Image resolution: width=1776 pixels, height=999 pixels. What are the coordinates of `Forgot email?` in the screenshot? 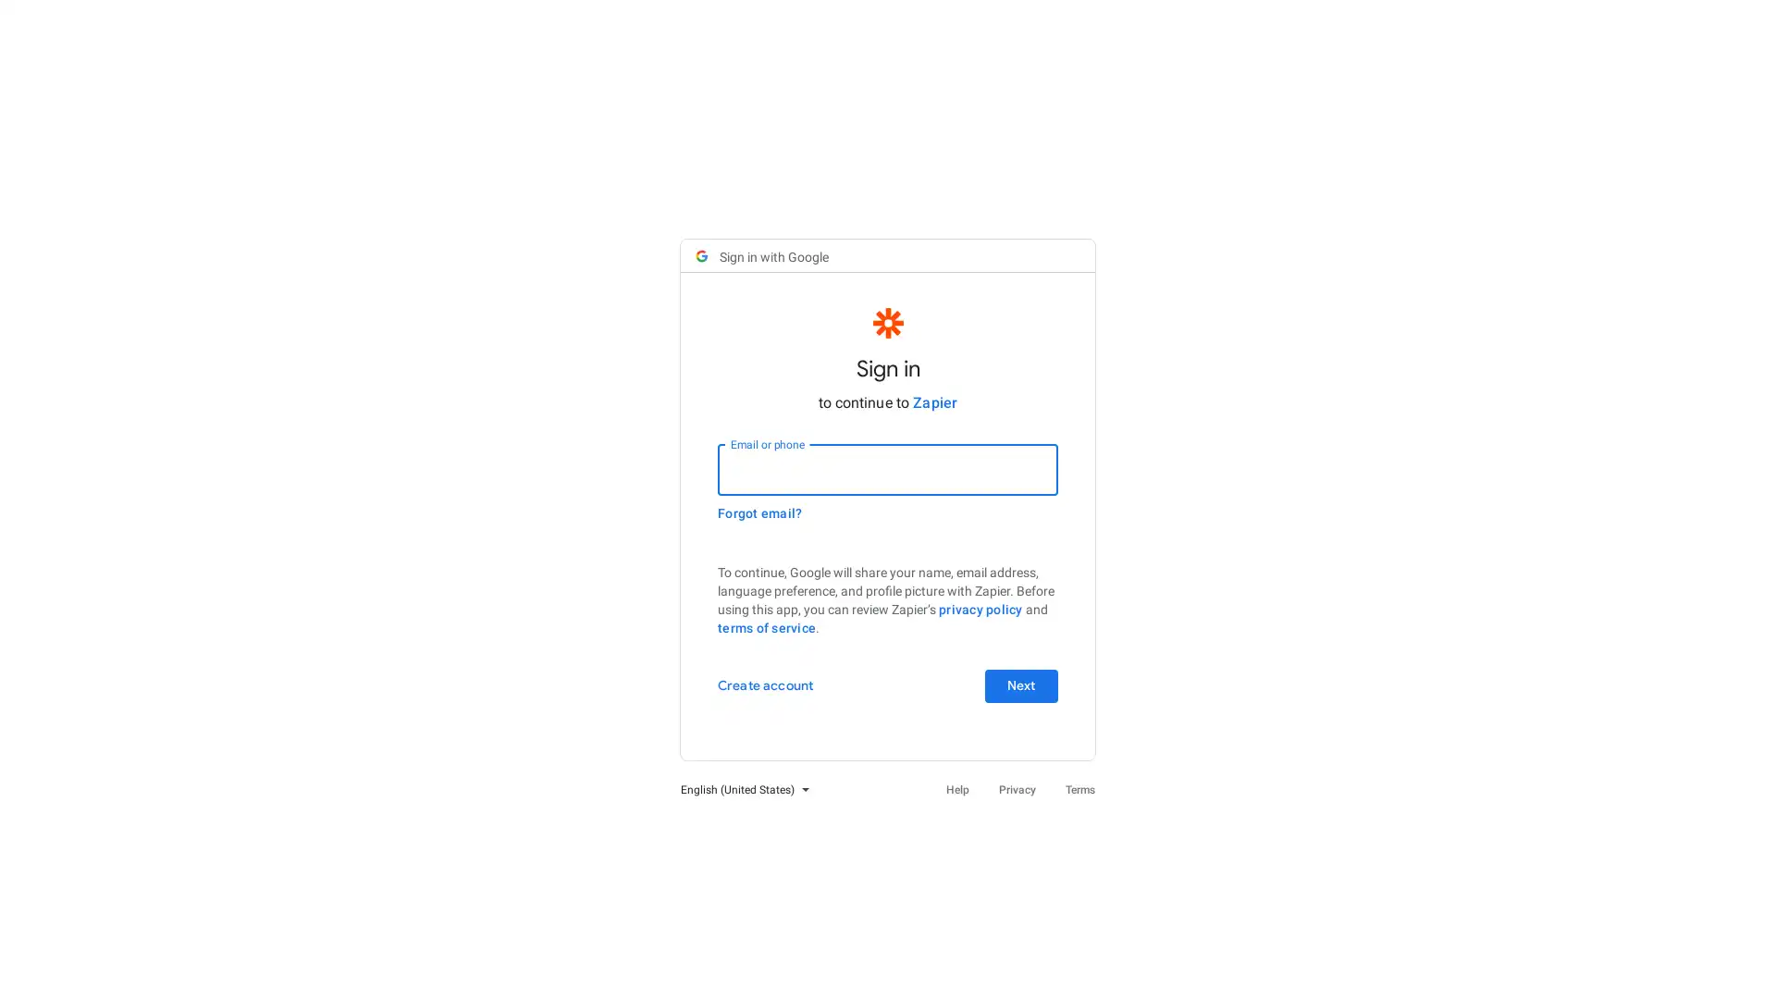 It's located at (759, 512).